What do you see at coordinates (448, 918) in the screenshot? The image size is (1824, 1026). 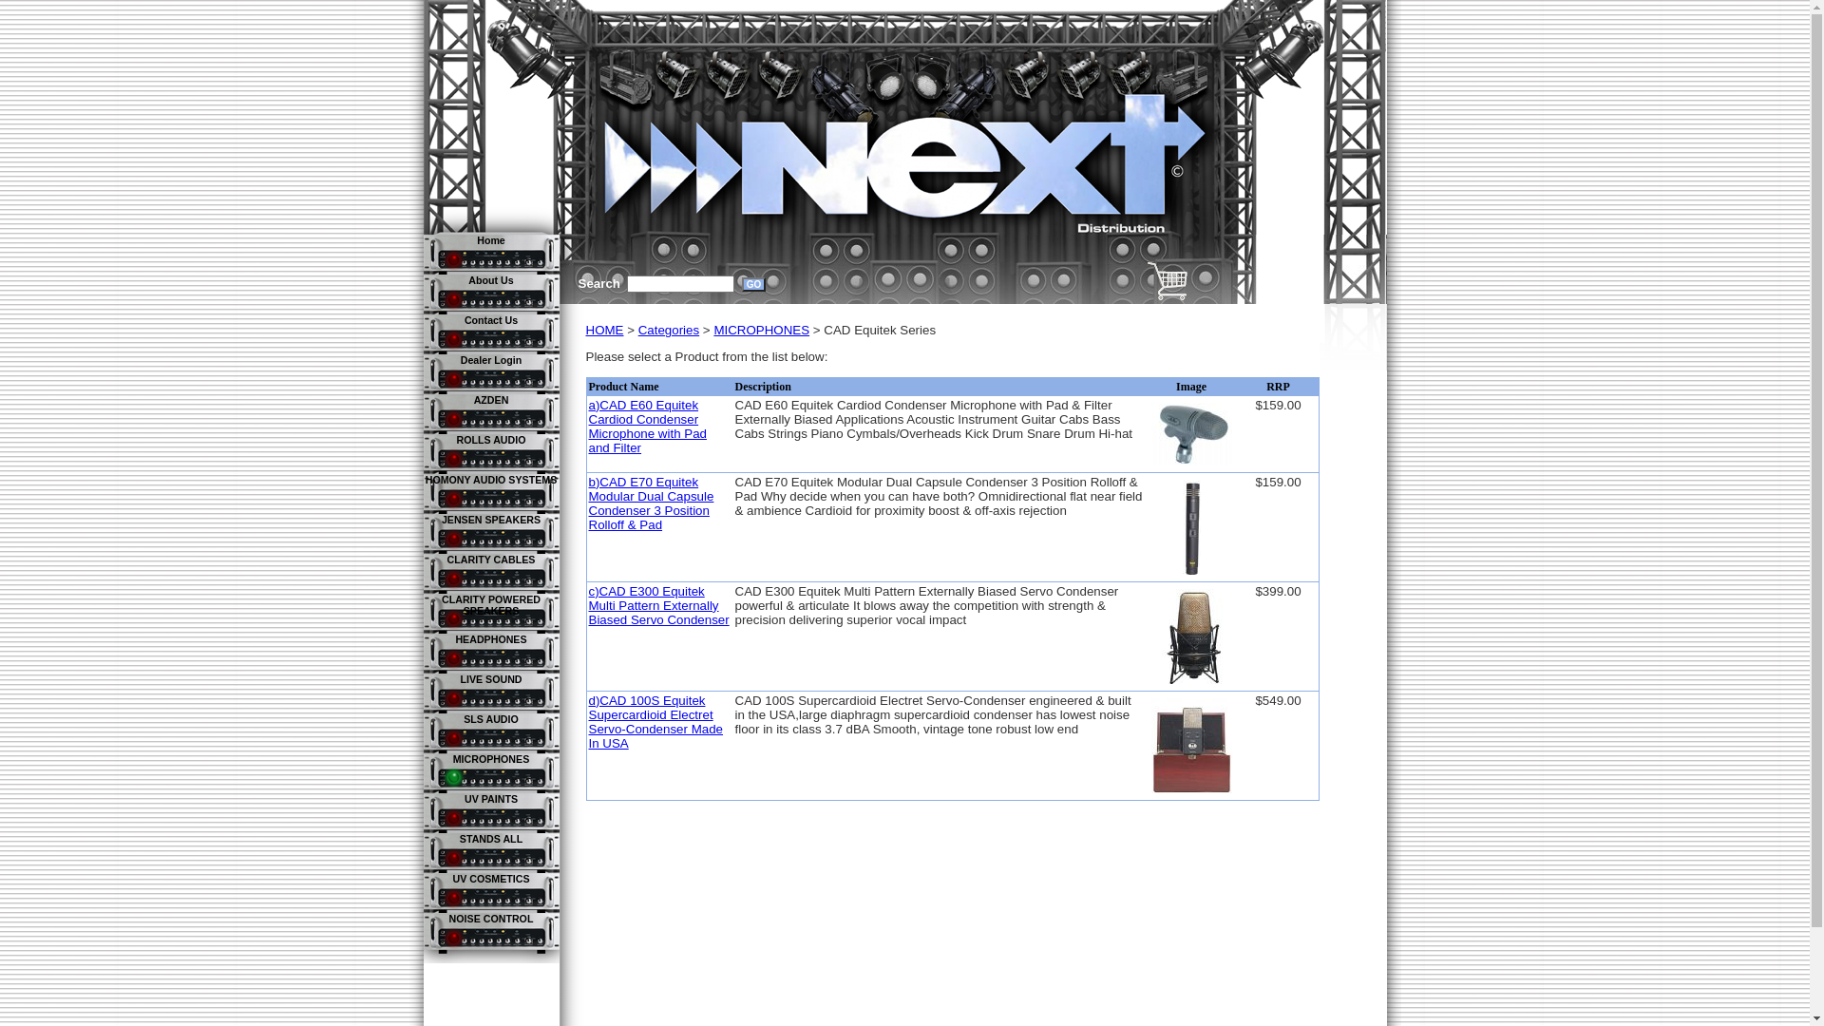 I see `'NOISE CONTROL'` at bounding box center [448, 918].